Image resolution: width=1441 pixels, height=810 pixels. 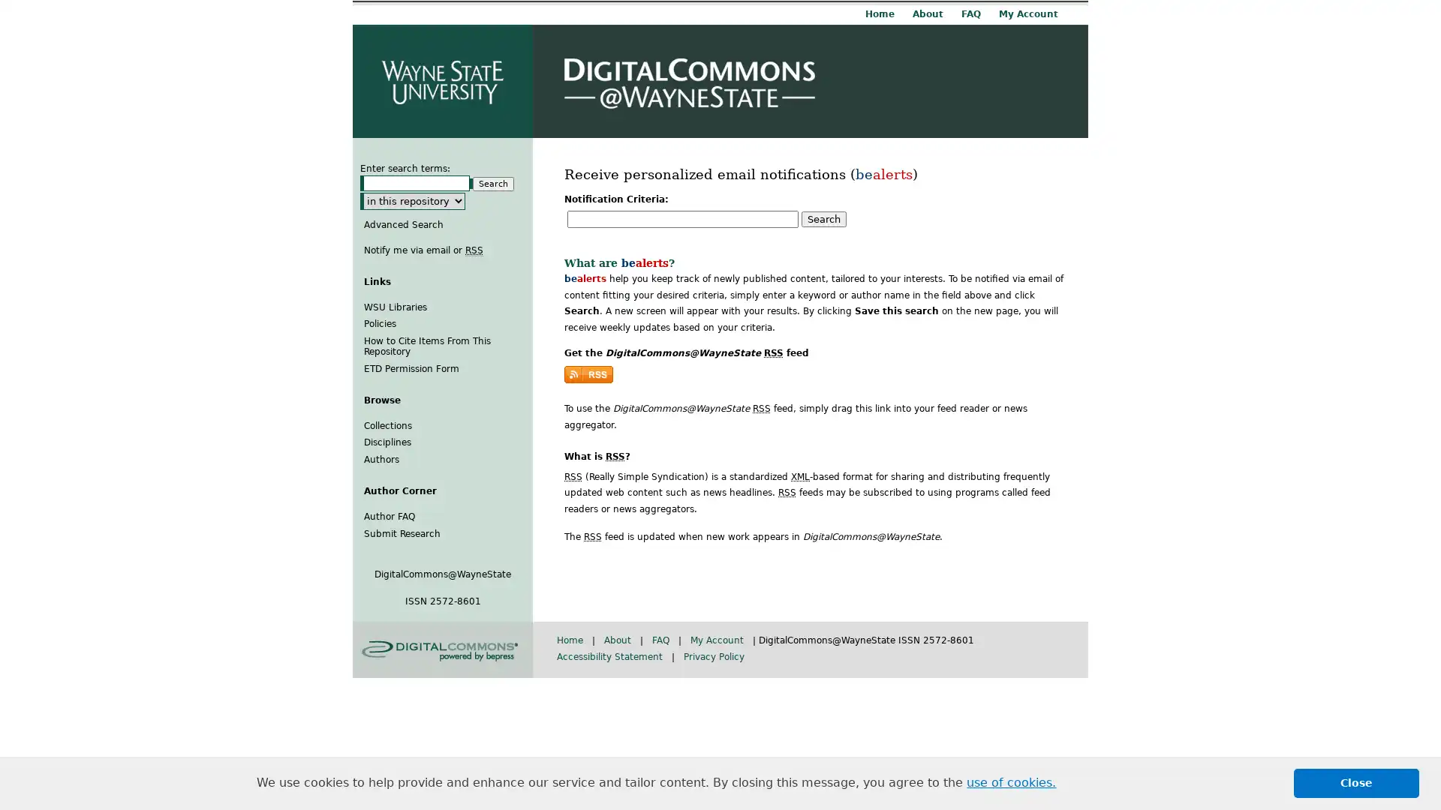 What do you see at coordinates (1011, 782) in the screenshot?
I see `learn more about cookies` at bounding box center [1011, 782].